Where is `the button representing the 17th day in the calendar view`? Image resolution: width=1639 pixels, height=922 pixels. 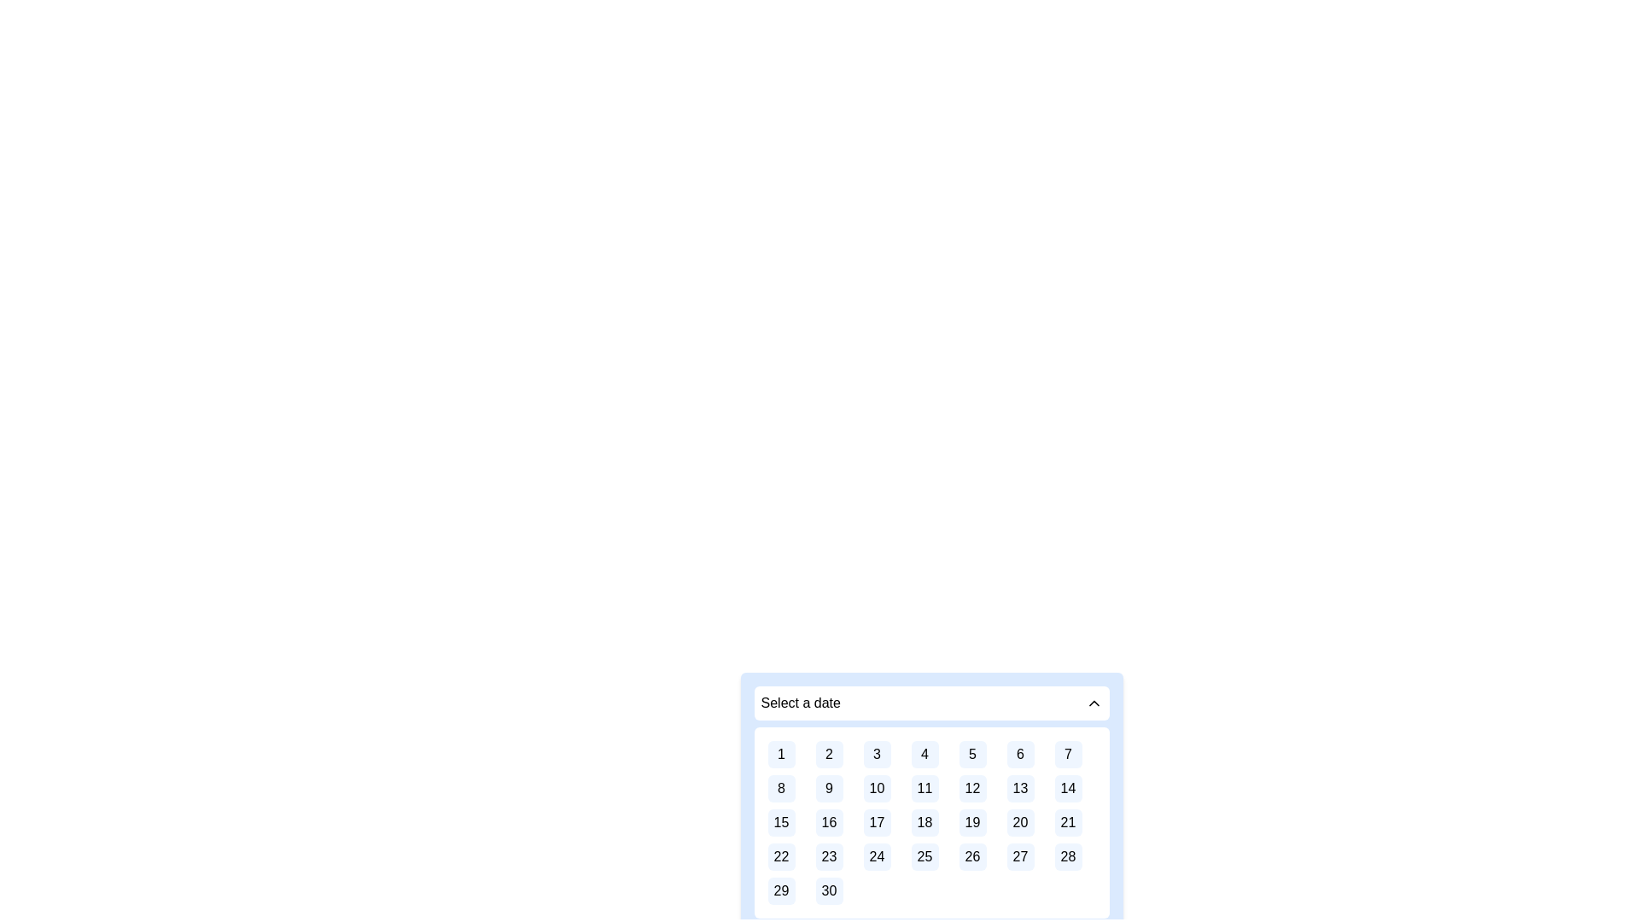
the button representing the 17th day in the calendar view is located at coordinates (877, 822).